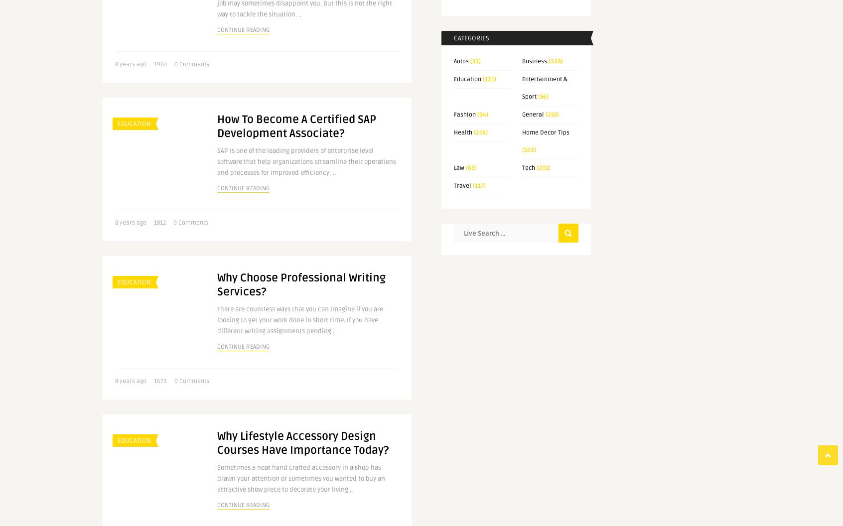 The height and width of the screenshot is (526, 843). Describe the element at coordinates (459, 167) in the screenshot. I see `'Law'` at that location.